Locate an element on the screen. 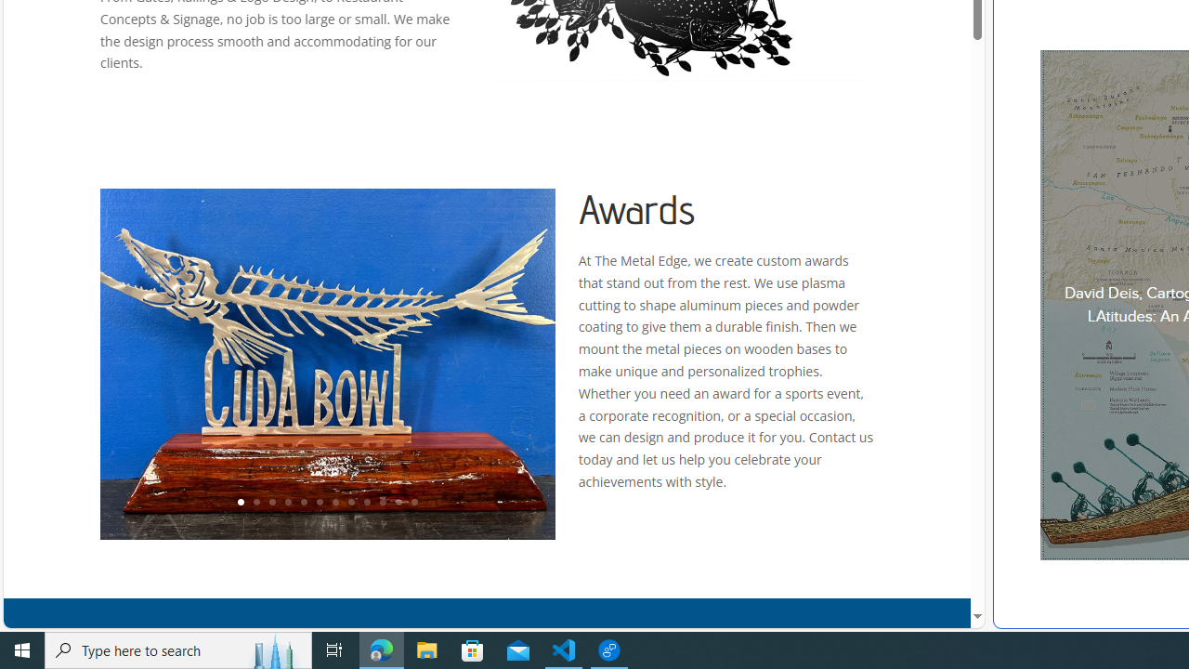 This screenshot has height=669, width=1189. '10' is located at coordinates (382, 503).